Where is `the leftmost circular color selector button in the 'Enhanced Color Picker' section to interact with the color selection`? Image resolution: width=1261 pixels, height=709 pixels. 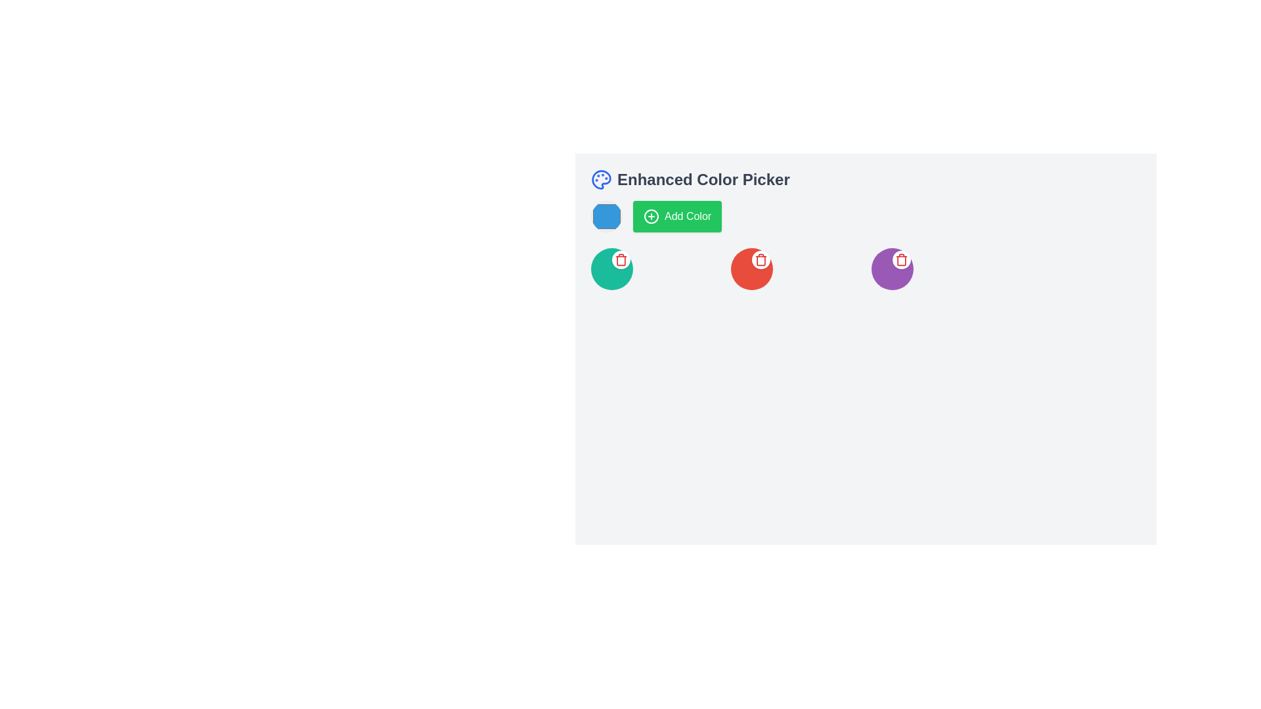
the leftmost circular color selector button in the 'Enhanced Color Picker' section to interact with the color selection is located at coordinates (606, 216).